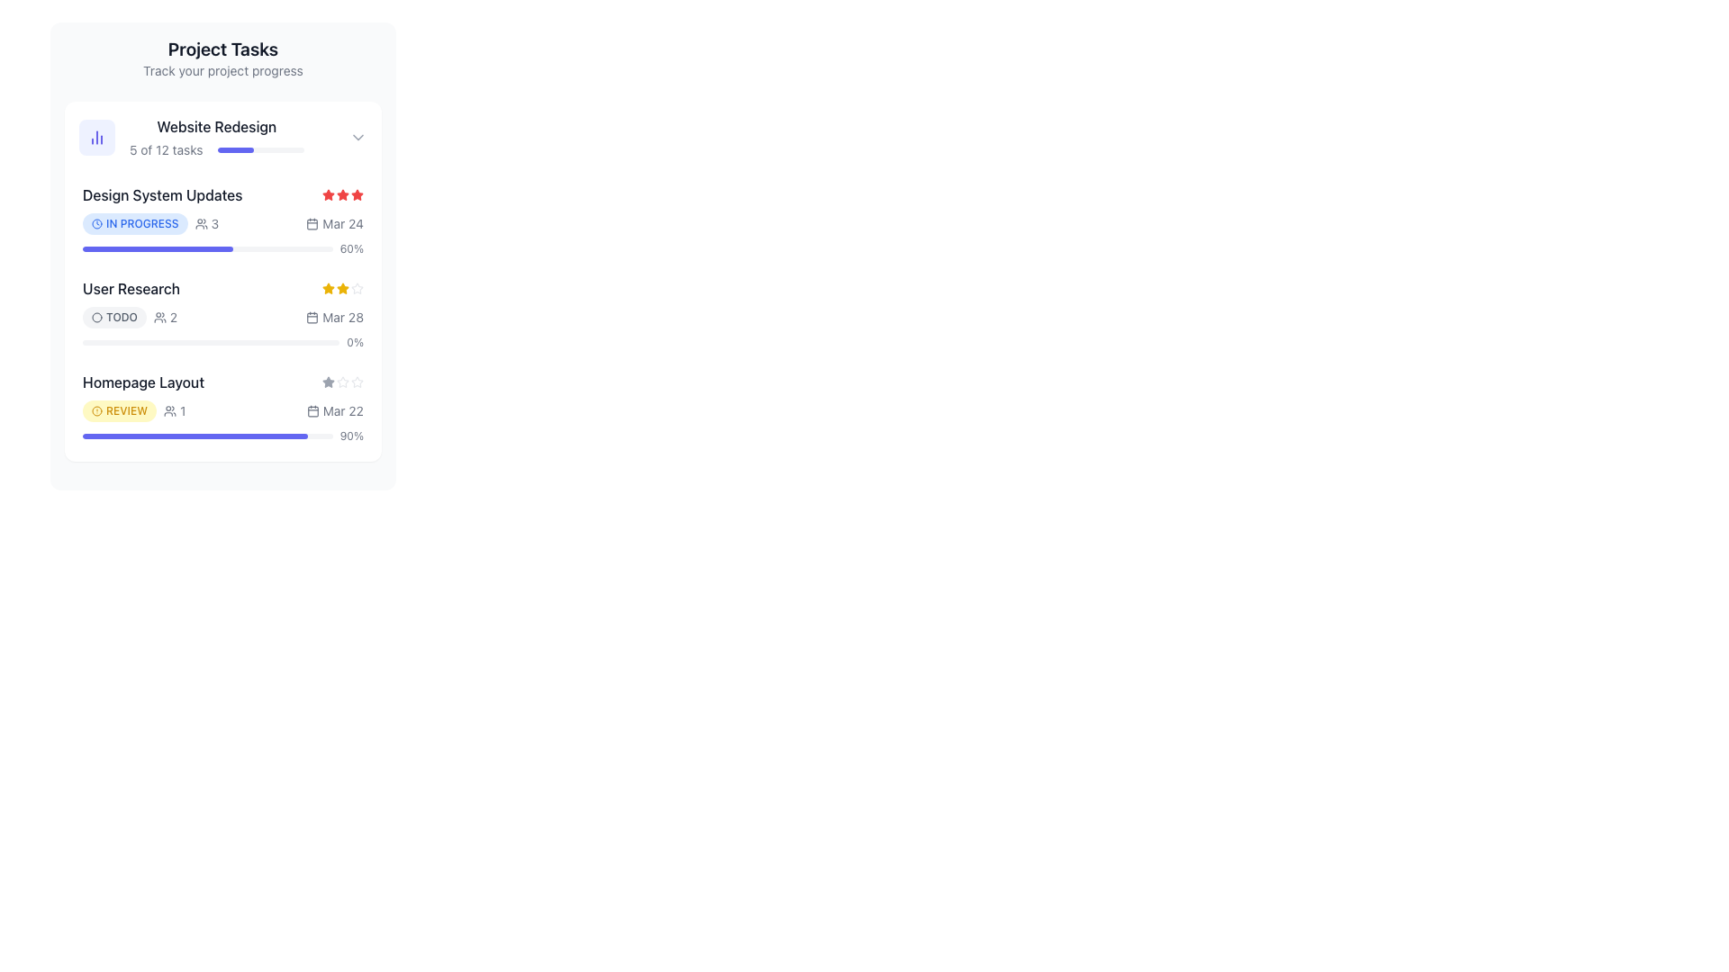  I want to click on the Text label indicating the completion percentage of the 'Design System Updates' task card, located at the right end of the associated progress bar, so click(351, 249).